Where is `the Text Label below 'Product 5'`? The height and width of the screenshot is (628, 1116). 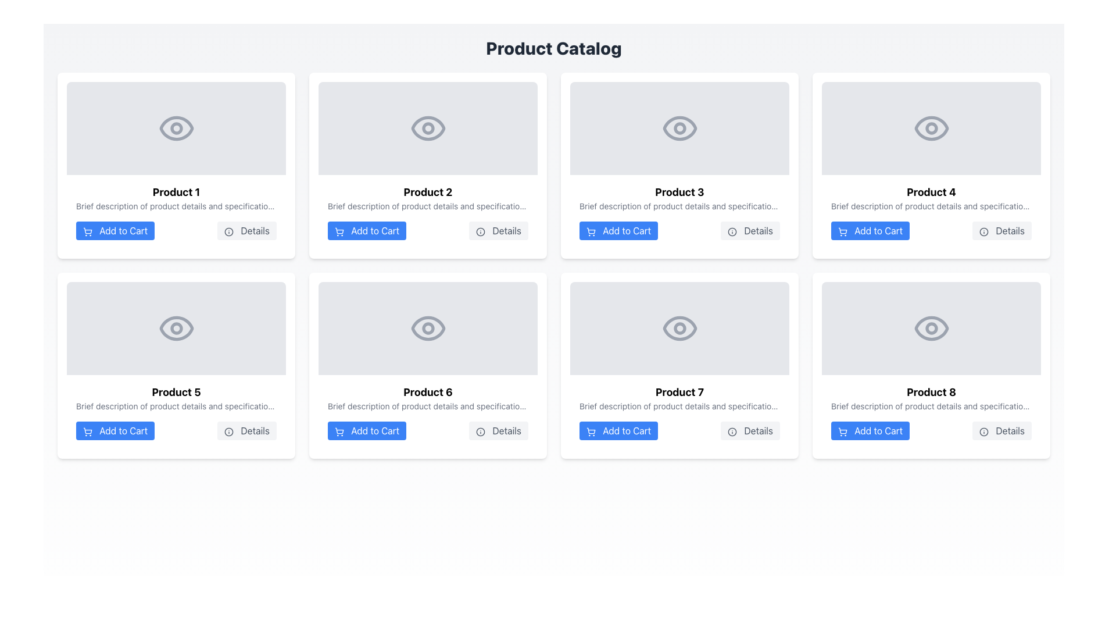 the Text Label below 'Product 5' is located at coordinates (176, 405).